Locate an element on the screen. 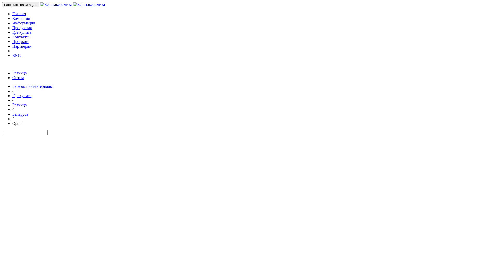 The image size is (494, 278). 'ENG' is located at coordinates (16, 55).